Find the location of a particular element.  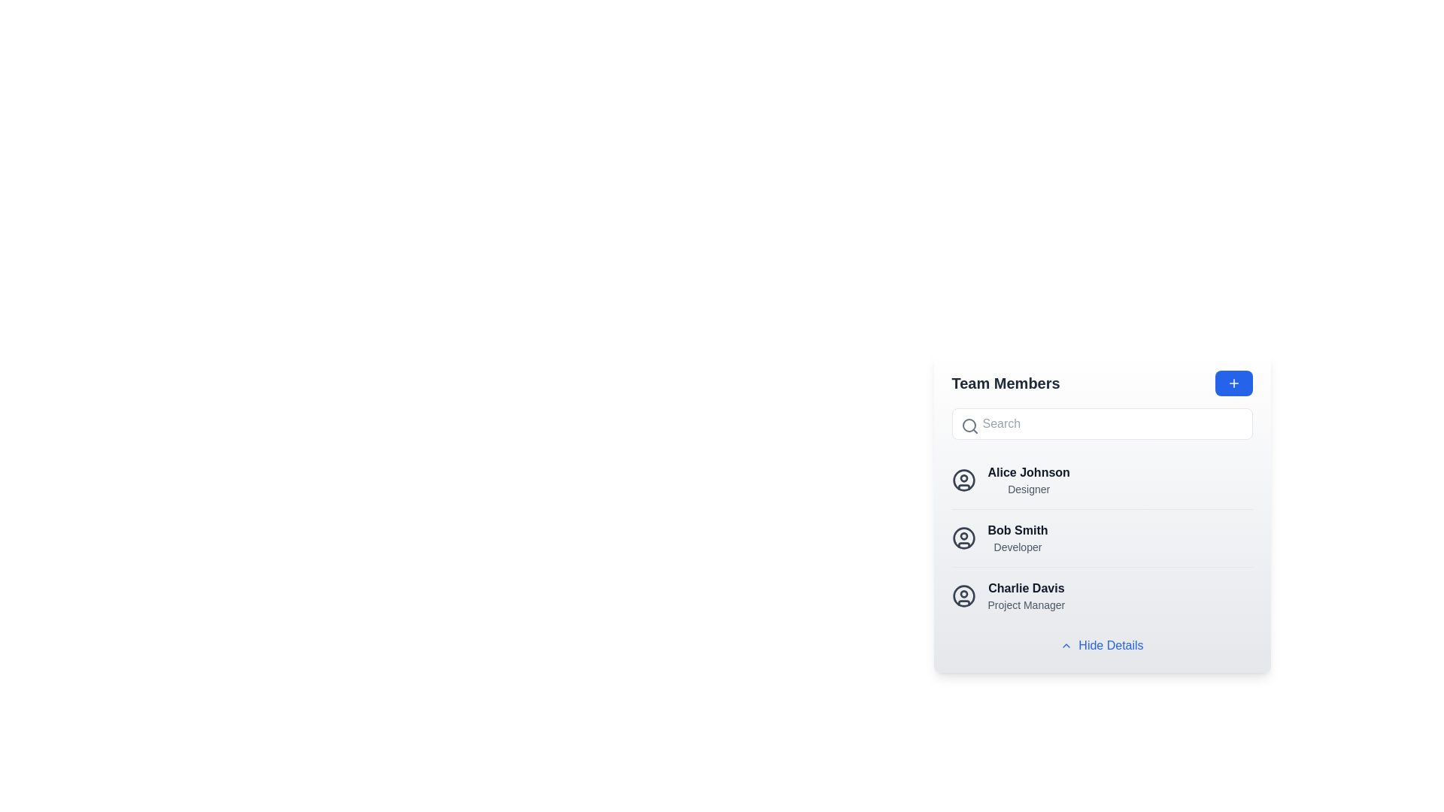

the Vector icon (chevron-up) to possibly trigger a tooltip or style change is located at coordinates (1066, 645).